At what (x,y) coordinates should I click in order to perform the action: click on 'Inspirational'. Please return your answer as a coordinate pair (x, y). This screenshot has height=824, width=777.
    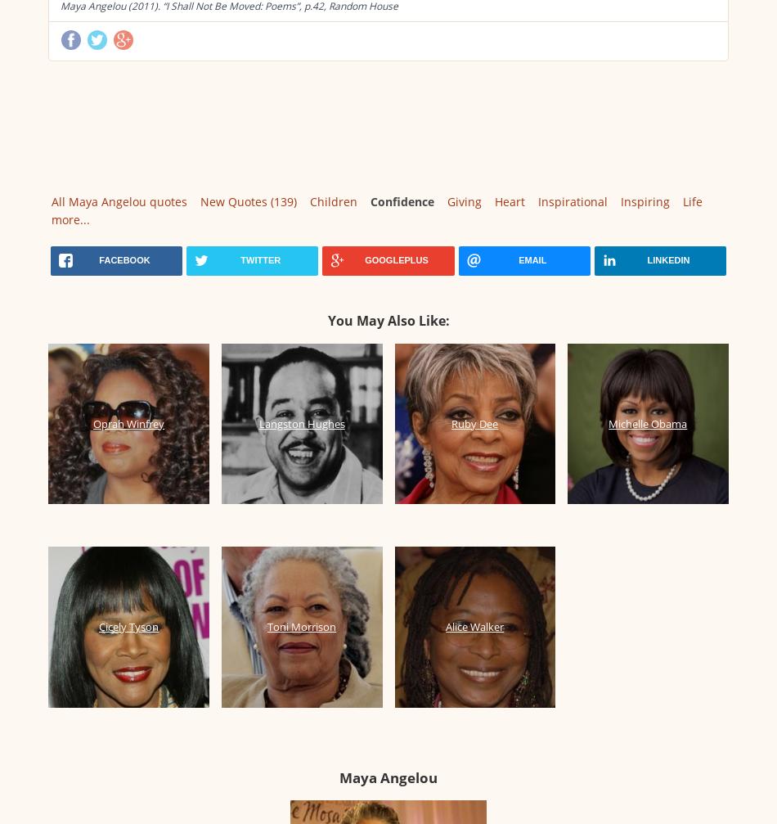
    Looking at the image, I should click on (573, 201).